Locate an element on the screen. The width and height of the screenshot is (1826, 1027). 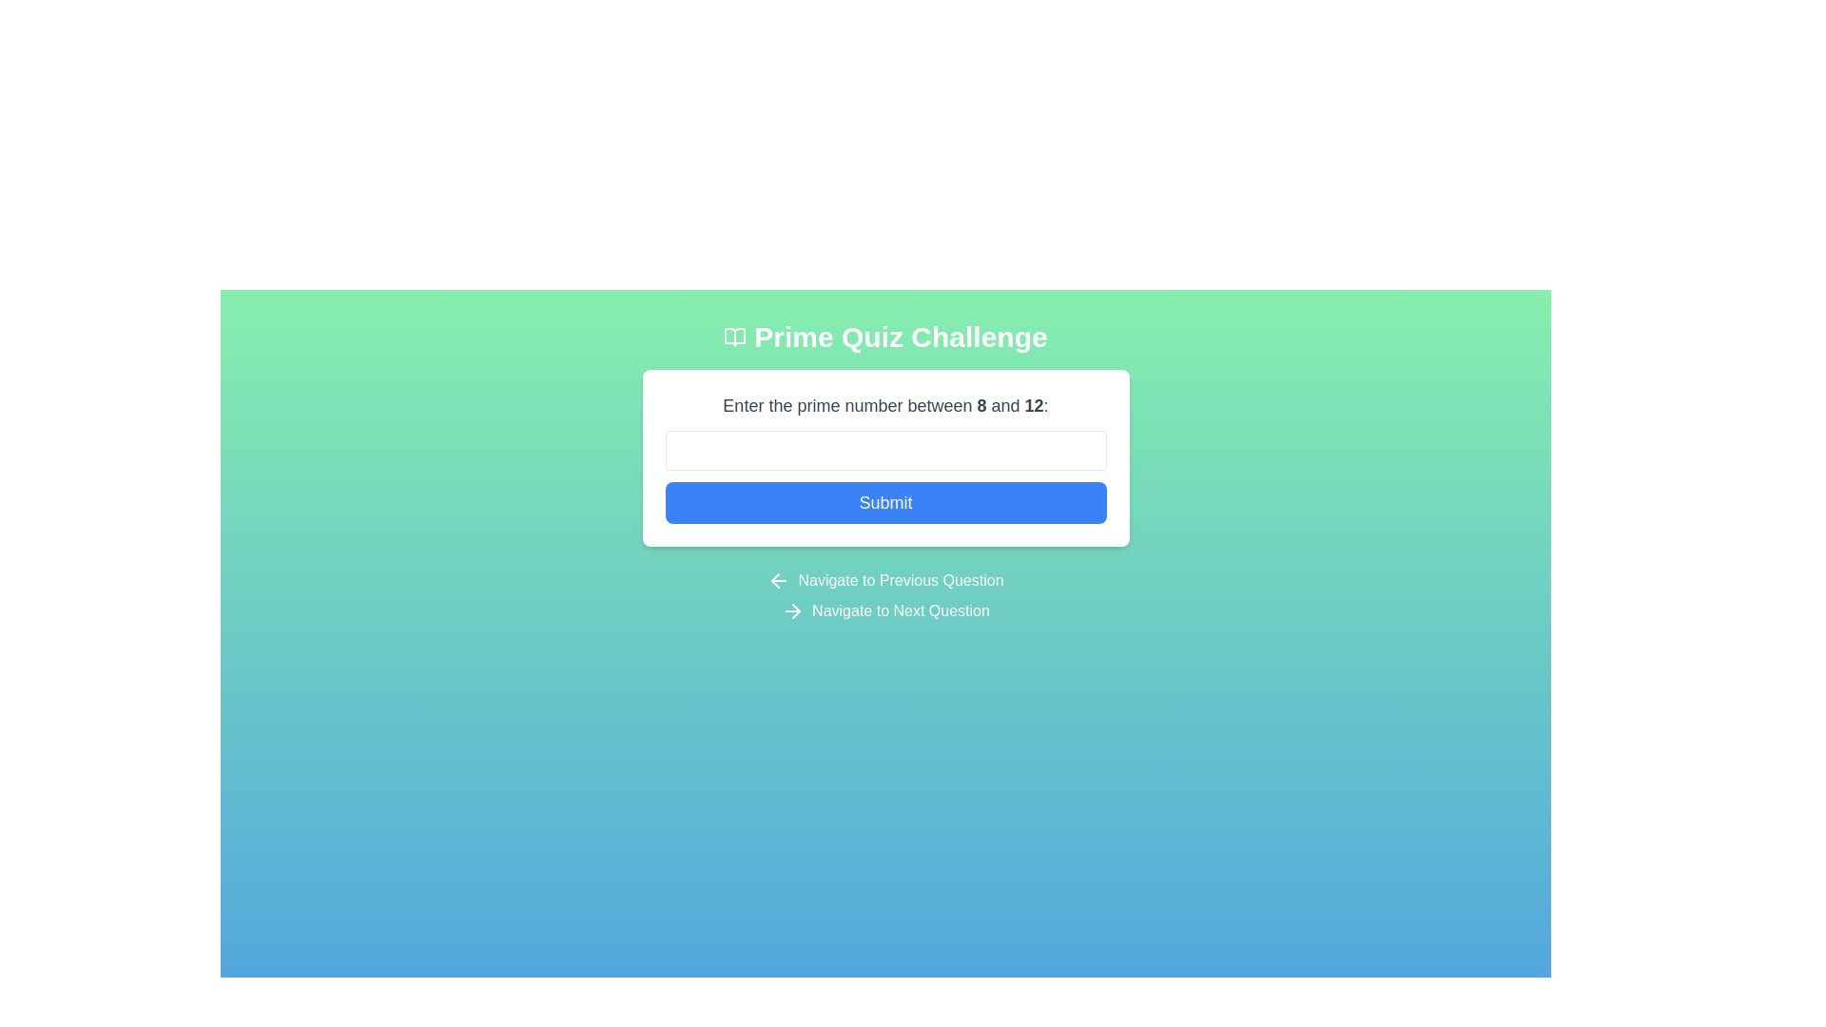
the text label 'Navigate to Previous Question' is located at coordinates (900, 579).